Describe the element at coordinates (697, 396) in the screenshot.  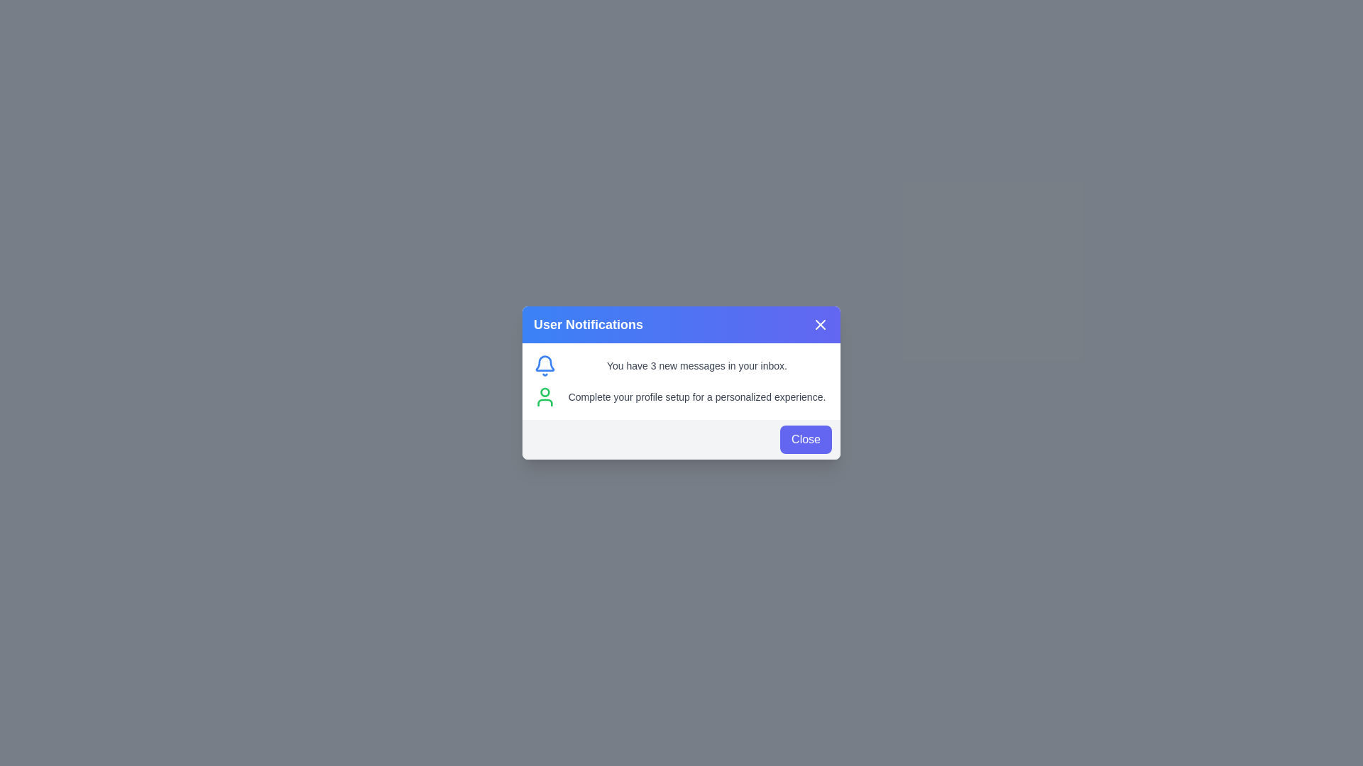
I see `text line that states 'Complete your profile setup for a personalized experience.' It is styled in a small font size and gray color, located within the notification card under the blue header 'User Notifications', and positioned to the right of a green user icon` at that location.